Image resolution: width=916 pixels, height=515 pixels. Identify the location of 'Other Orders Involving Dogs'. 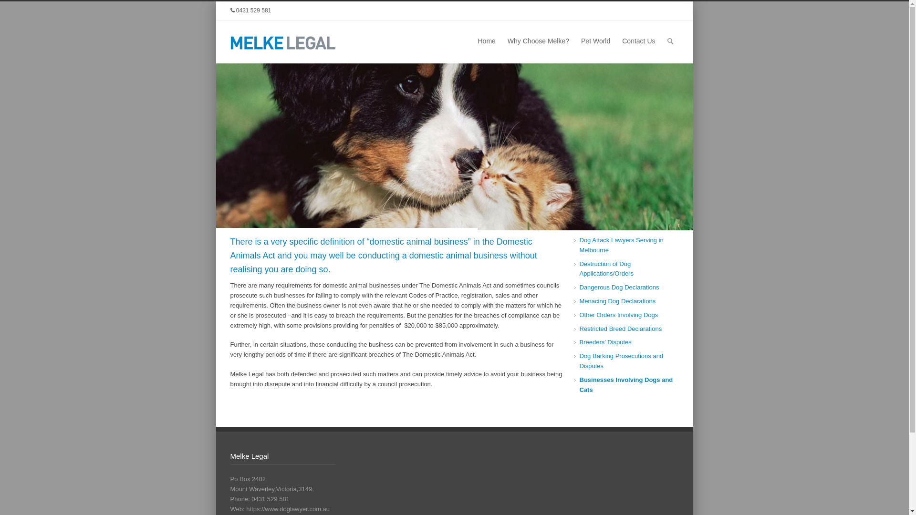
(618, 315).